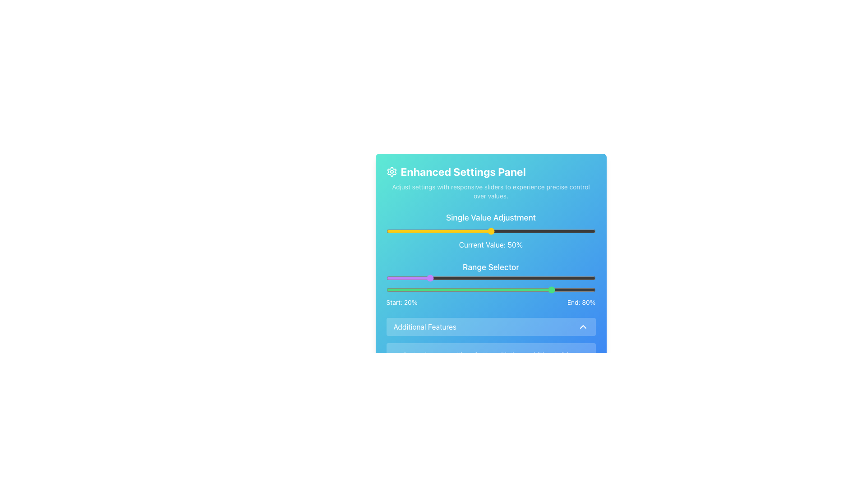 This screenshot has height=487, width=866. I want to click on the range selector sliders, so click(438, 278).